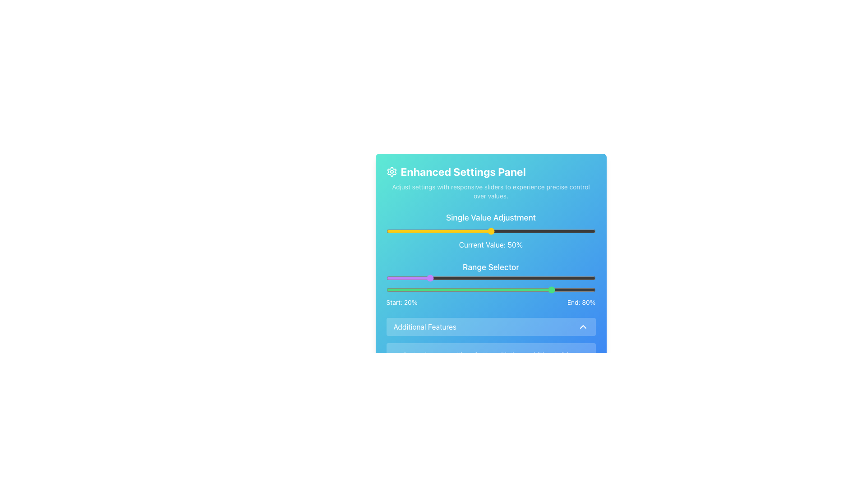 This screenshot has height=487, width=866. I want to click on the range selector sliders, so click(438, 278).